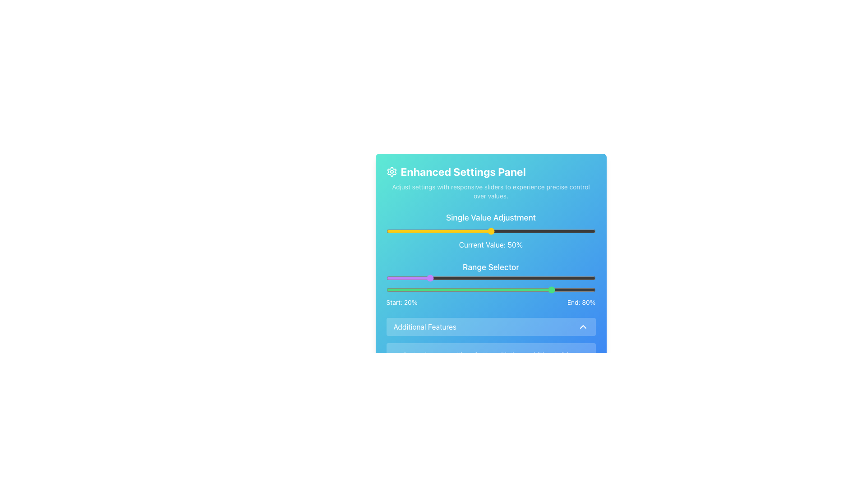 This screenshot has height=487, width=866. I want to click on the range selector sliders, so click(438, 278).